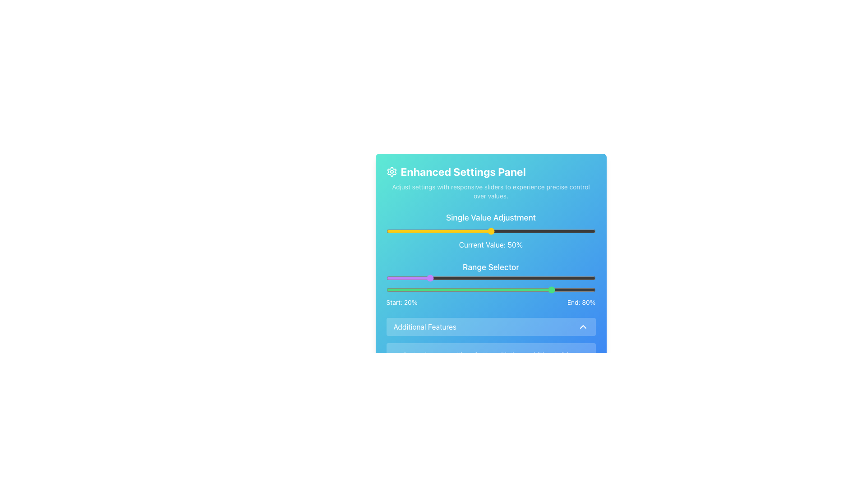 This screenshot has height=487, width=866. I want to click on the range selector sliders, so click(438, 278).